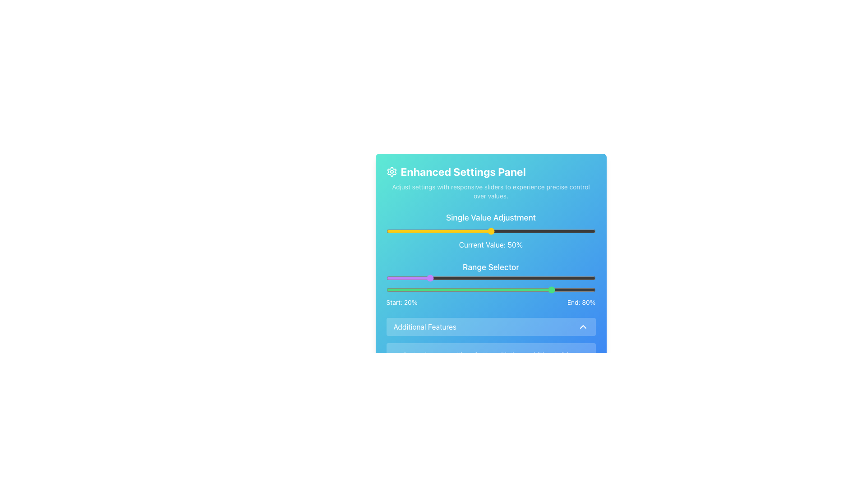 This screenshot has height=487, width=866. I want to click on the range selector sliders, so click(438, 278).